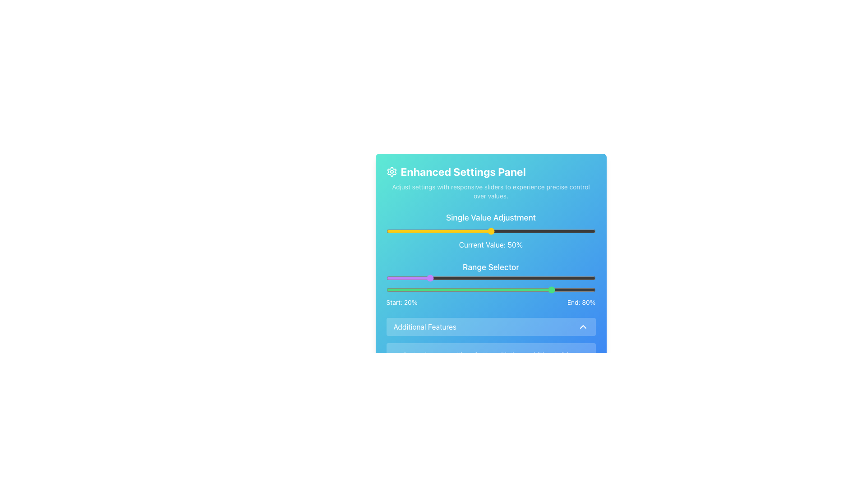 This screenshot has height=487, width=866. I want to click on the range selector sliders, so click(438, 278).